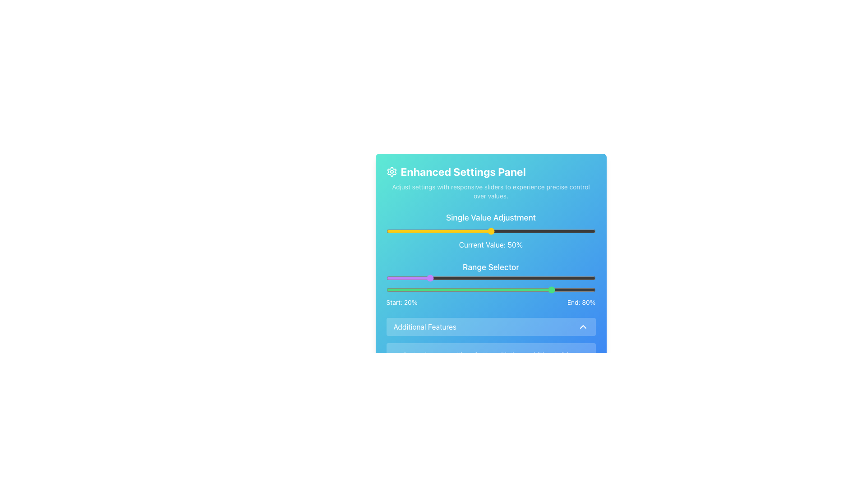 This screenshot has height=487, width=866. I want to click on the range selector sliders, so click(438, 278).